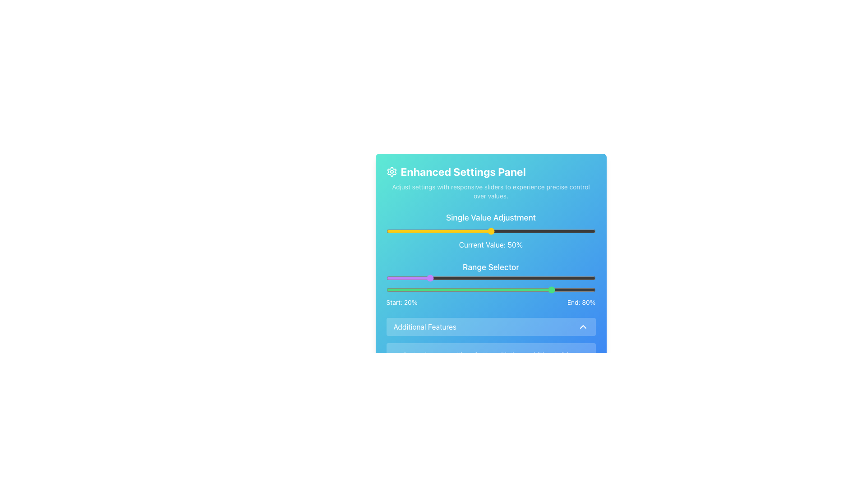 This screenshot has height=487, width=866. I want to click on the range selector sliders, so click(438, 278).